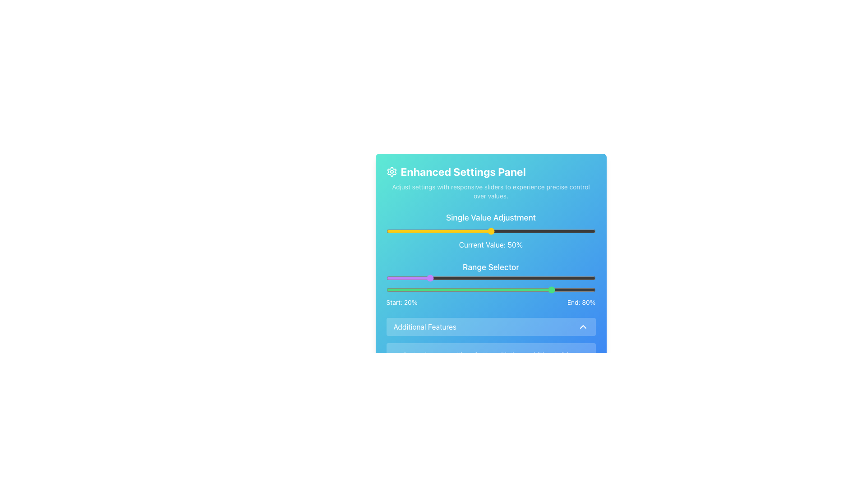 This screenshot has height=487, width=866. I want to click on the range selector sliders, so click(438, 278).